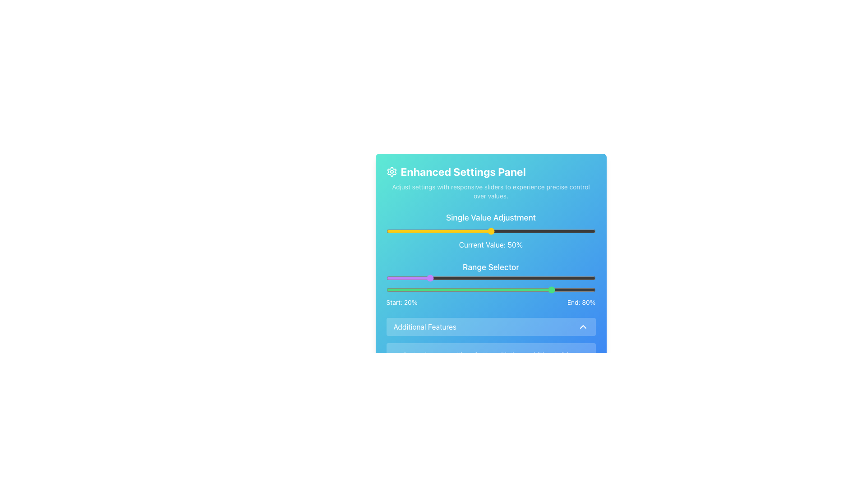 This screenshot has height=487, width=866. I want to click on the range selector sliders, so click(438, 278).